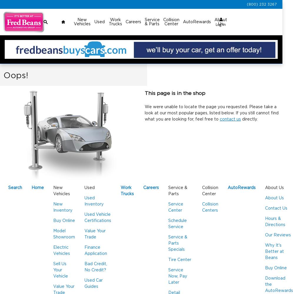 This screenshot has width=293, height=294. Describe the element at coordinates (175, 93) in the screenshot. I see `'This page is in the shop'` at that location.